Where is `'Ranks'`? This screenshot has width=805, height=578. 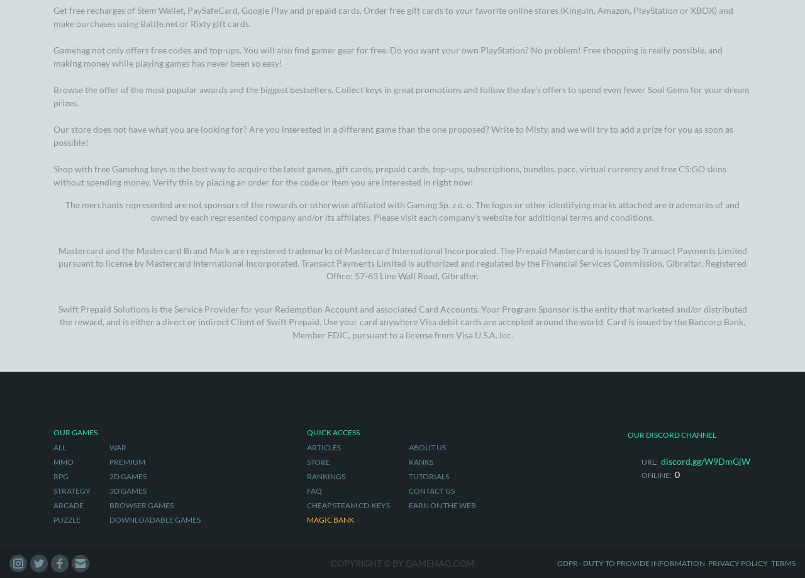
'Ranks' is located at coordinates (420, 130).